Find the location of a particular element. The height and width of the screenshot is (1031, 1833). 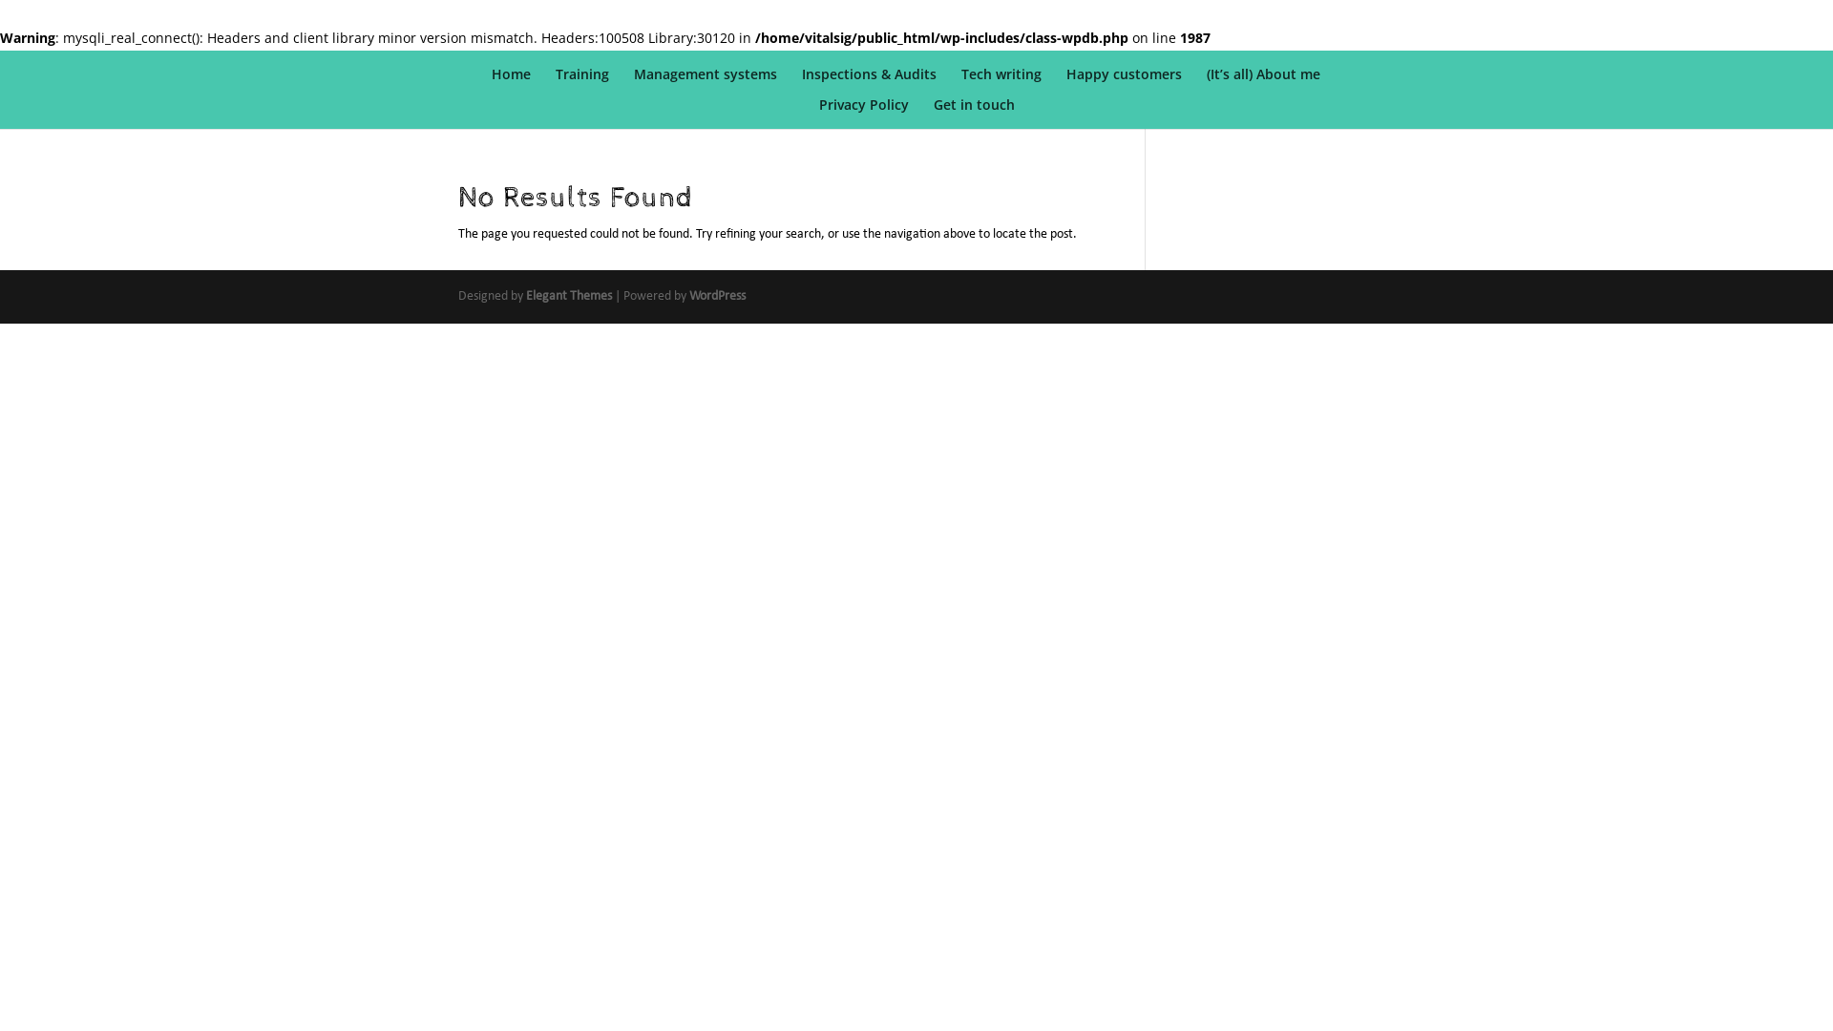

'Training' is located at coordinates (580, 82).